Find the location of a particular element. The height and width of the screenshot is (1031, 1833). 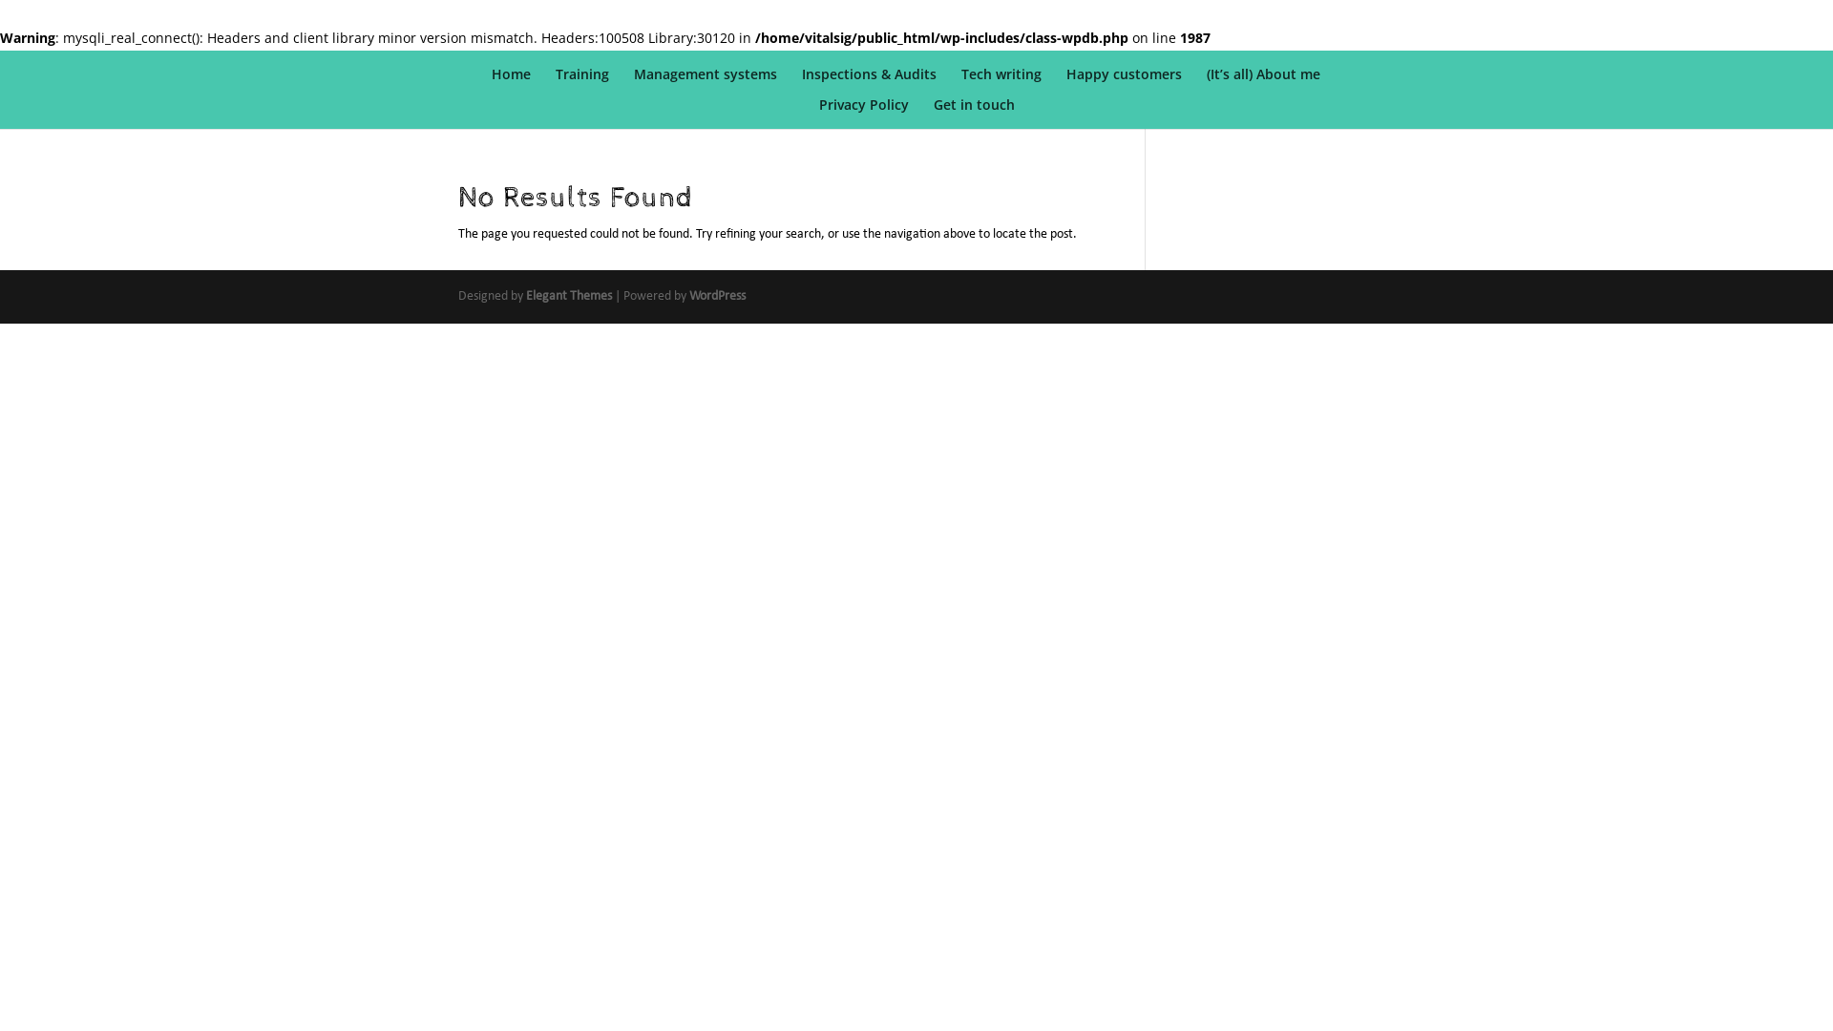

'Training' is located at coordinates (580, 82).